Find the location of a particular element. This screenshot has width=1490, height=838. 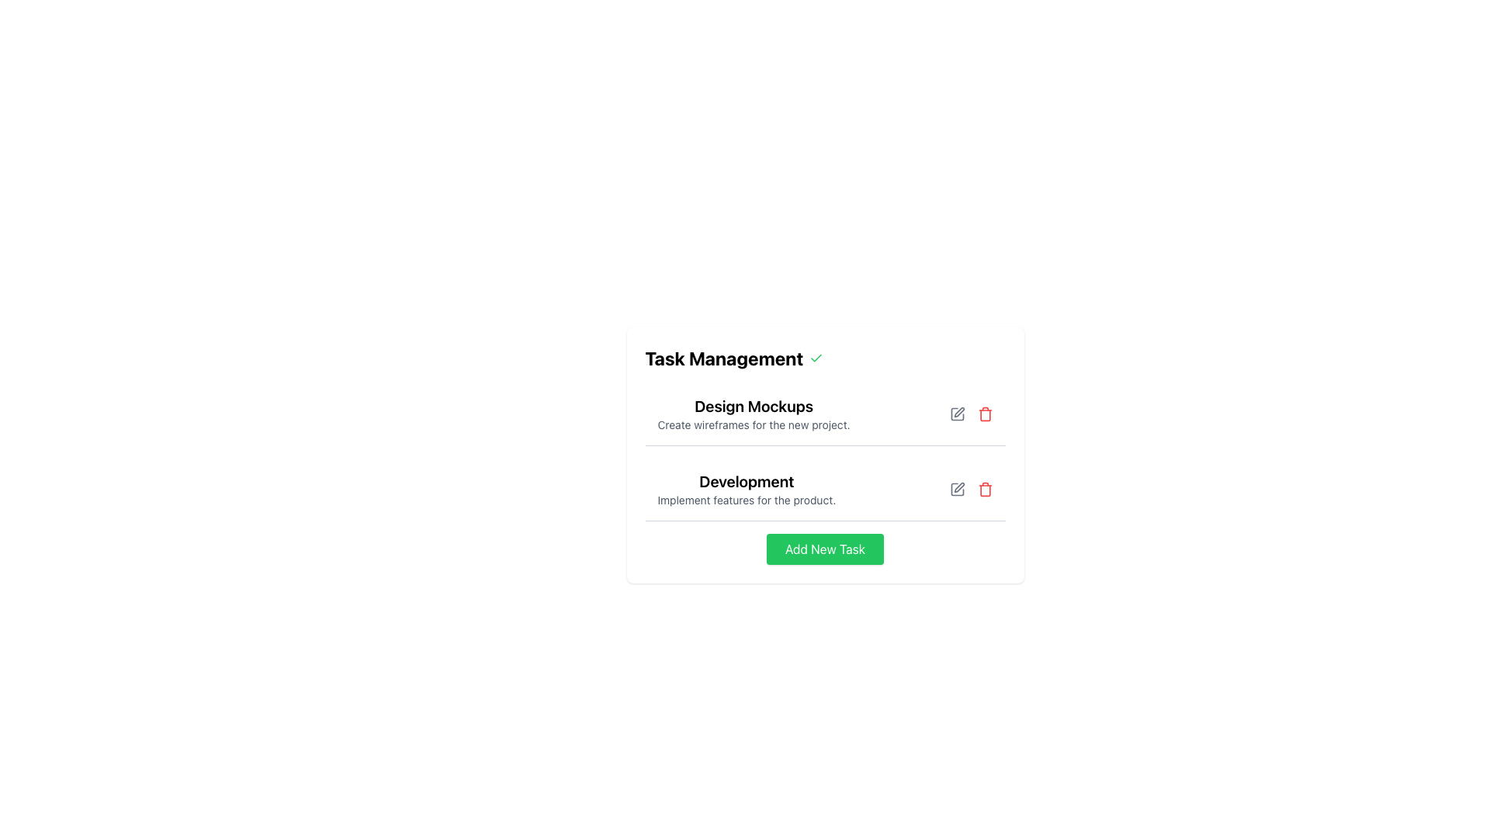

the edit SVG icon located to the right of the 'Development' task label is located at coordinates (958, 487).